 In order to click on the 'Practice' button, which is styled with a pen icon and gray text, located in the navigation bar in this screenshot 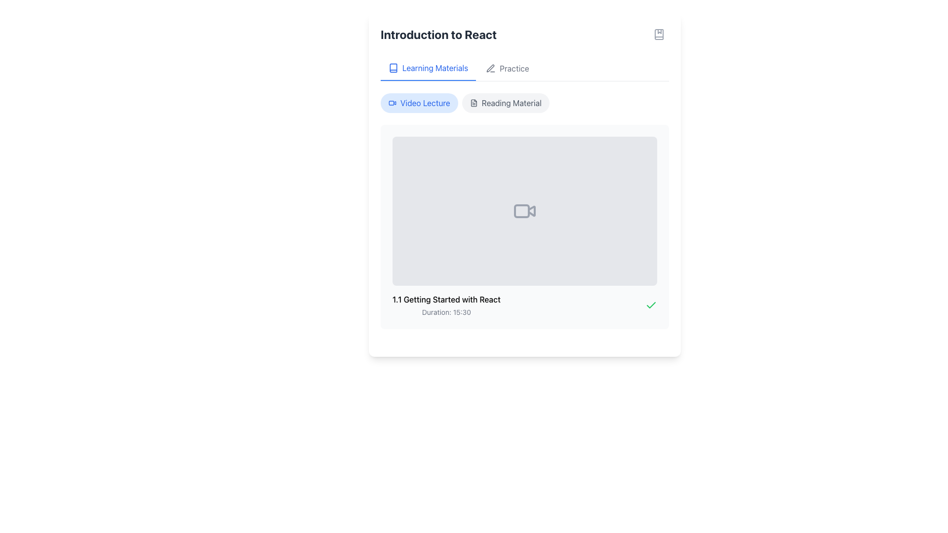, I will do `click(507, 68)`.